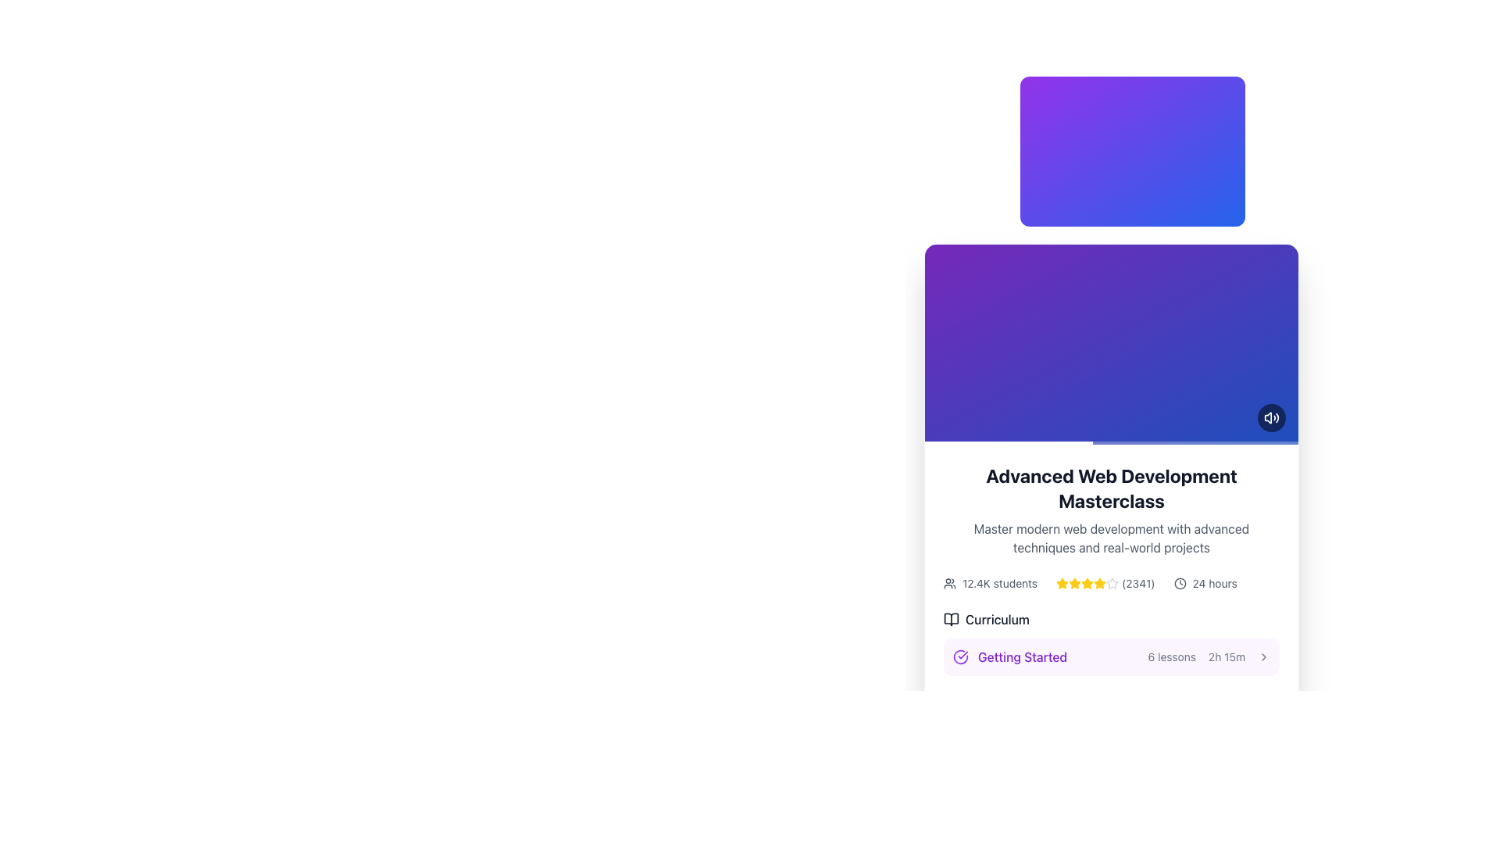  I want to click on the circular button with a speaker icon on a blue gradient background, so click(1271, 417).